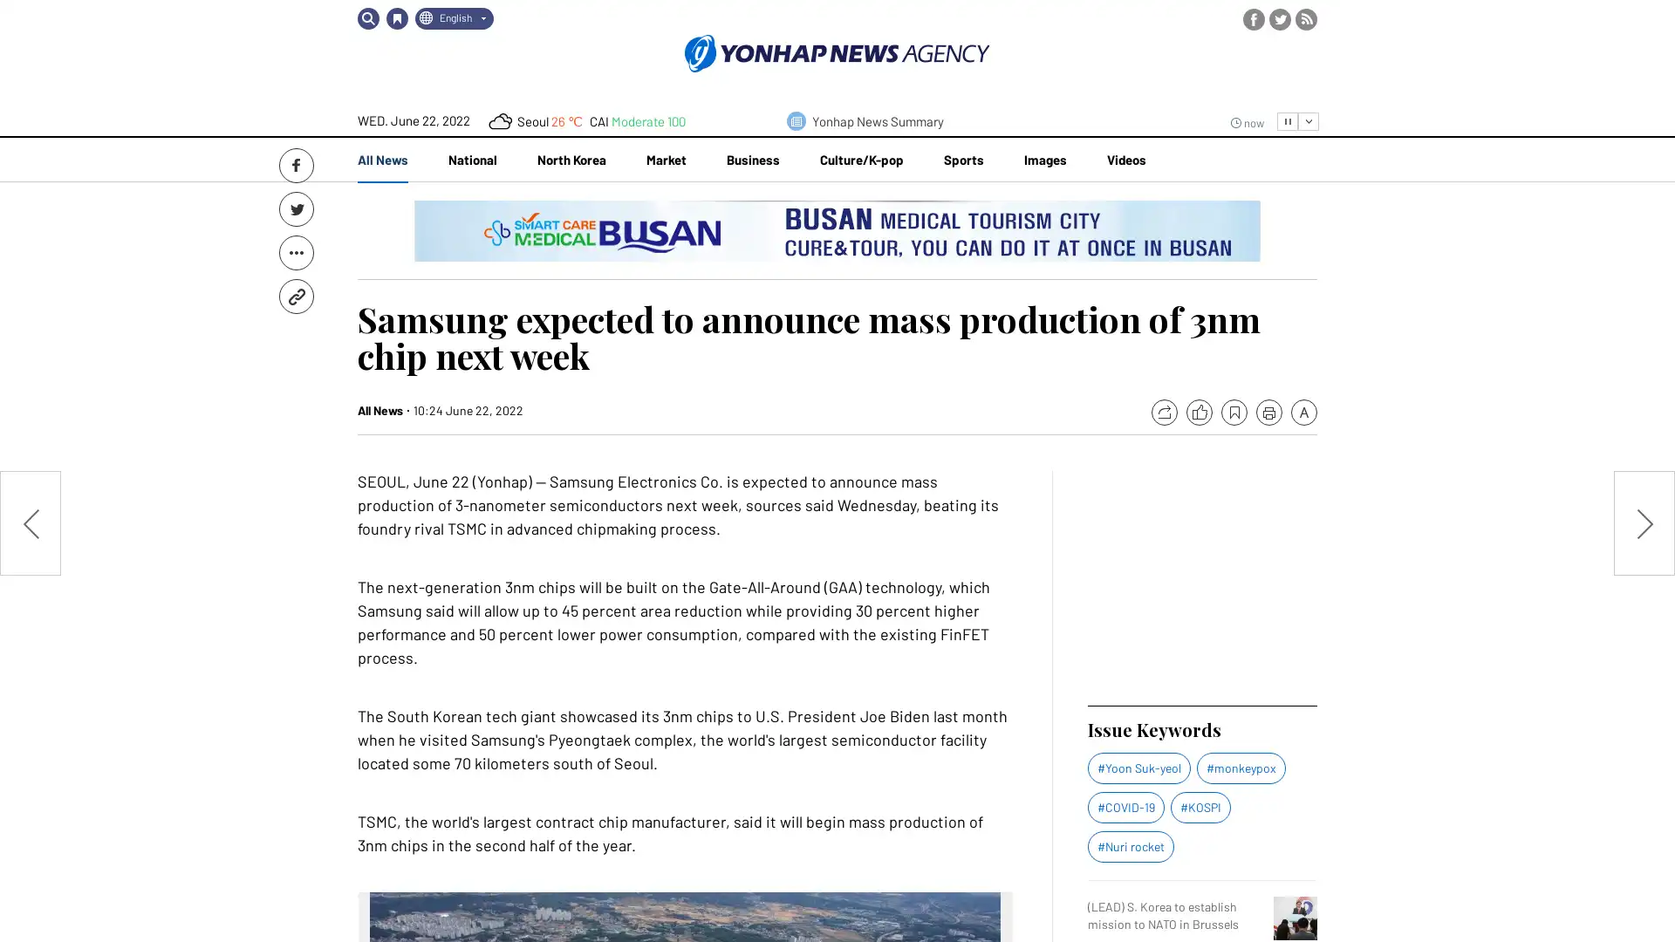  I want to click on Pause, so click(1288, 120).